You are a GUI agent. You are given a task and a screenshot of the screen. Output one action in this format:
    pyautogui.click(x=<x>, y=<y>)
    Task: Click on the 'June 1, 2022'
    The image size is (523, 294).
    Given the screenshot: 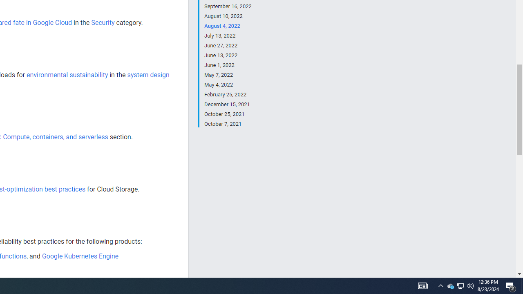 What is the action you would take?
    pyautogui.click(x=228, y=65)
    